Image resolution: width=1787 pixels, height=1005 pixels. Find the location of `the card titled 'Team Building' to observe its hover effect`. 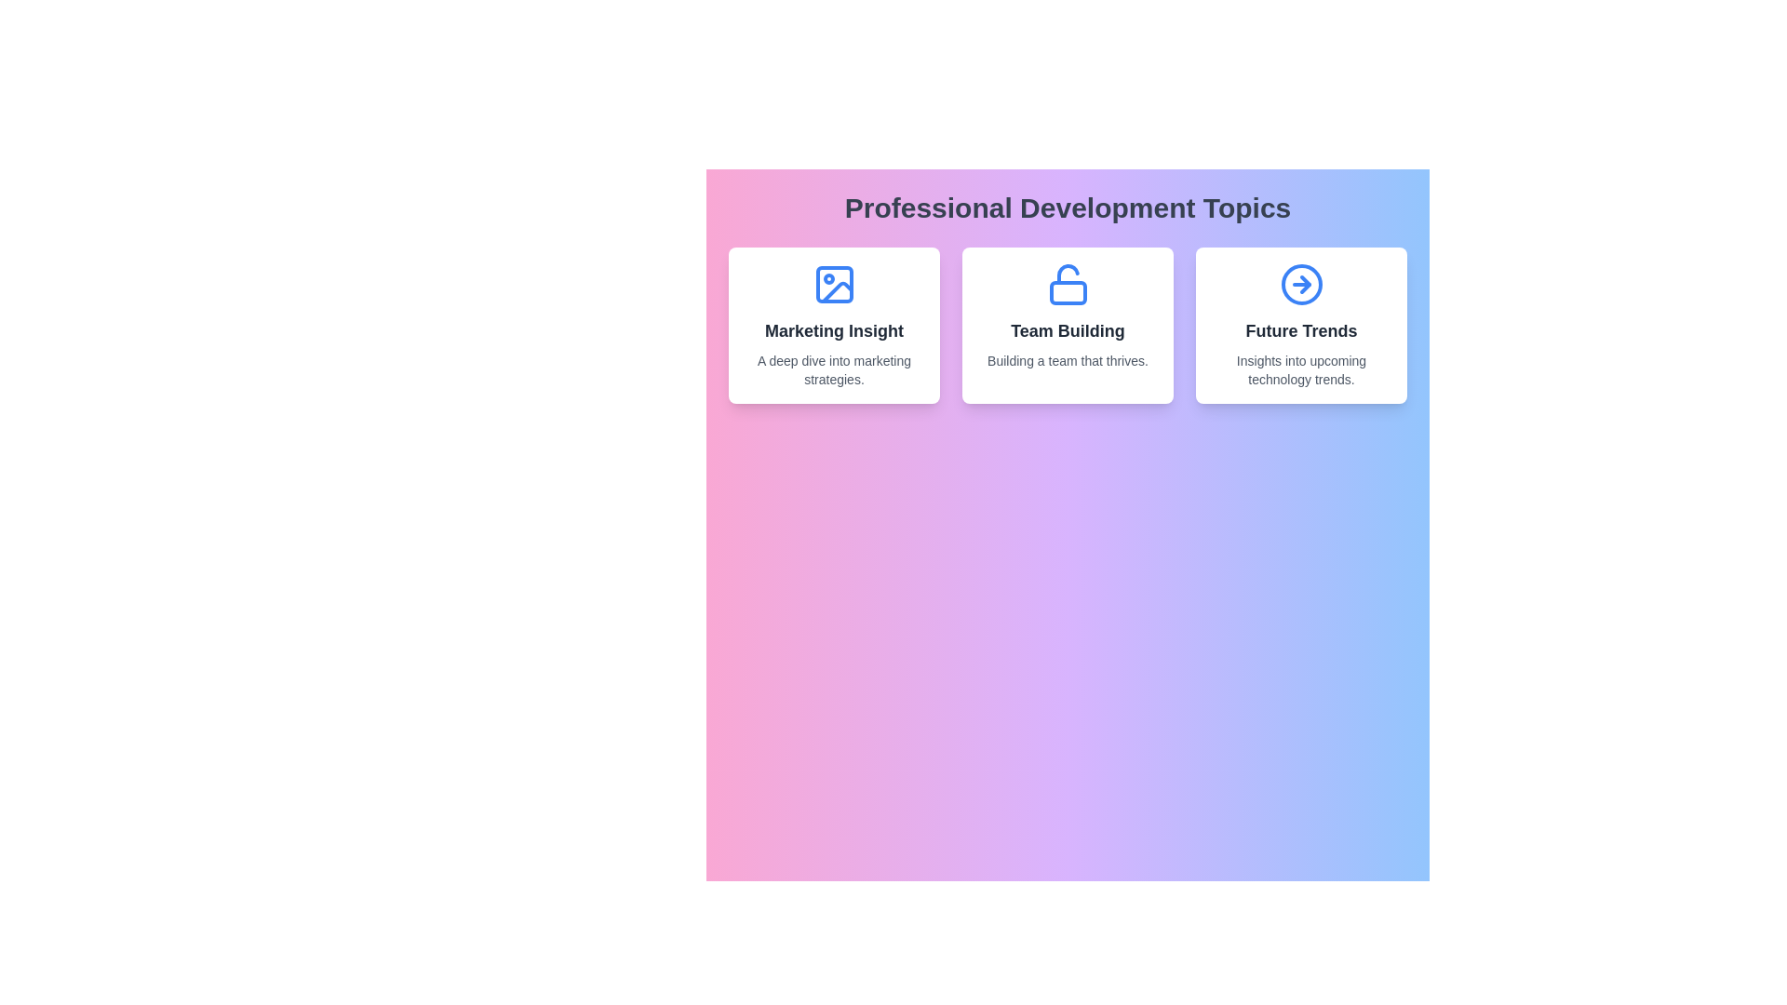

the card titled 'Team Building' to observe its hover effect is located at coordinates (1068, 325).